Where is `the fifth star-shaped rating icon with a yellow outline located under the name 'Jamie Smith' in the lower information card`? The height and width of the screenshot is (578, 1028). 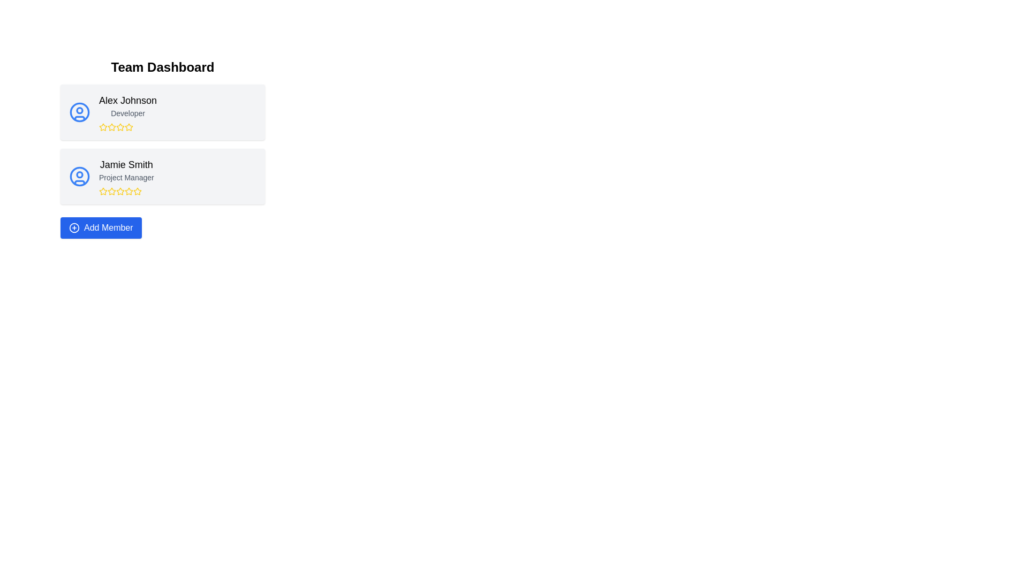 the fifth star-shaped rating icon with a yellow outline located under the name 'Jamie Smith' in the lower information card is located at coordinates (137, 191).